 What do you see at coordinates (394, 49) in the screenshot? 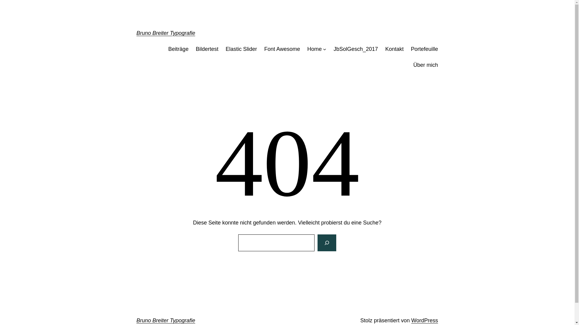
I see `'Kontakt'` at bounding box center [394, 49].